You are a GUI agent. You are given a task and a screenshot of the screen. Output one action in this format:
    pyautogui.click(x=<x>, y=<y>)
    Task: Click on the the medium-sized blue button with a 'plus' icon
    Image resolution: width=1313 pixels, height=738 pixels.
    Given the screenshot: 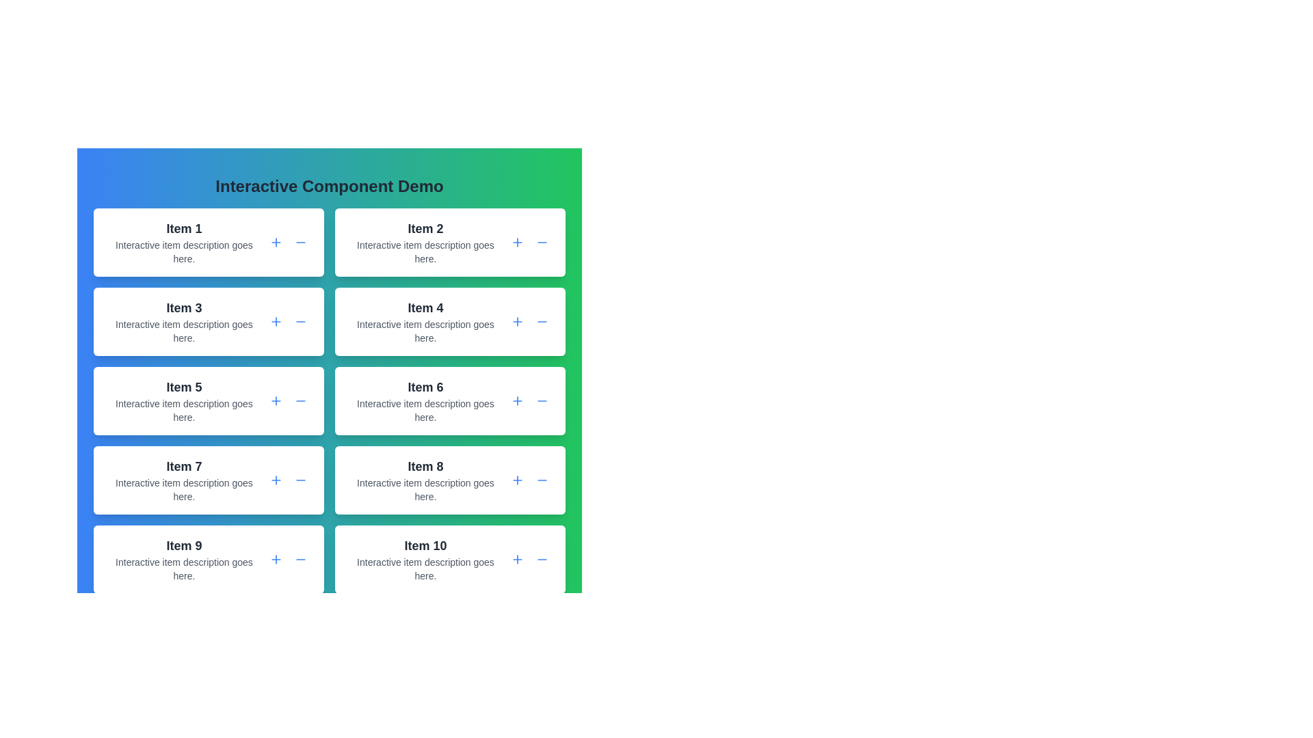 What is the action you would take?
    pyautogui.click(x=517, y=241)
    